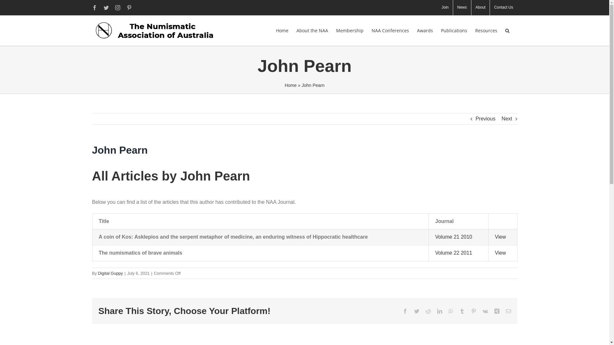 The image size is (614, 345). What do you see at coordinates (475, 31) in the screenshot?
I see `'Resources'` at bounding box center [475, 31].